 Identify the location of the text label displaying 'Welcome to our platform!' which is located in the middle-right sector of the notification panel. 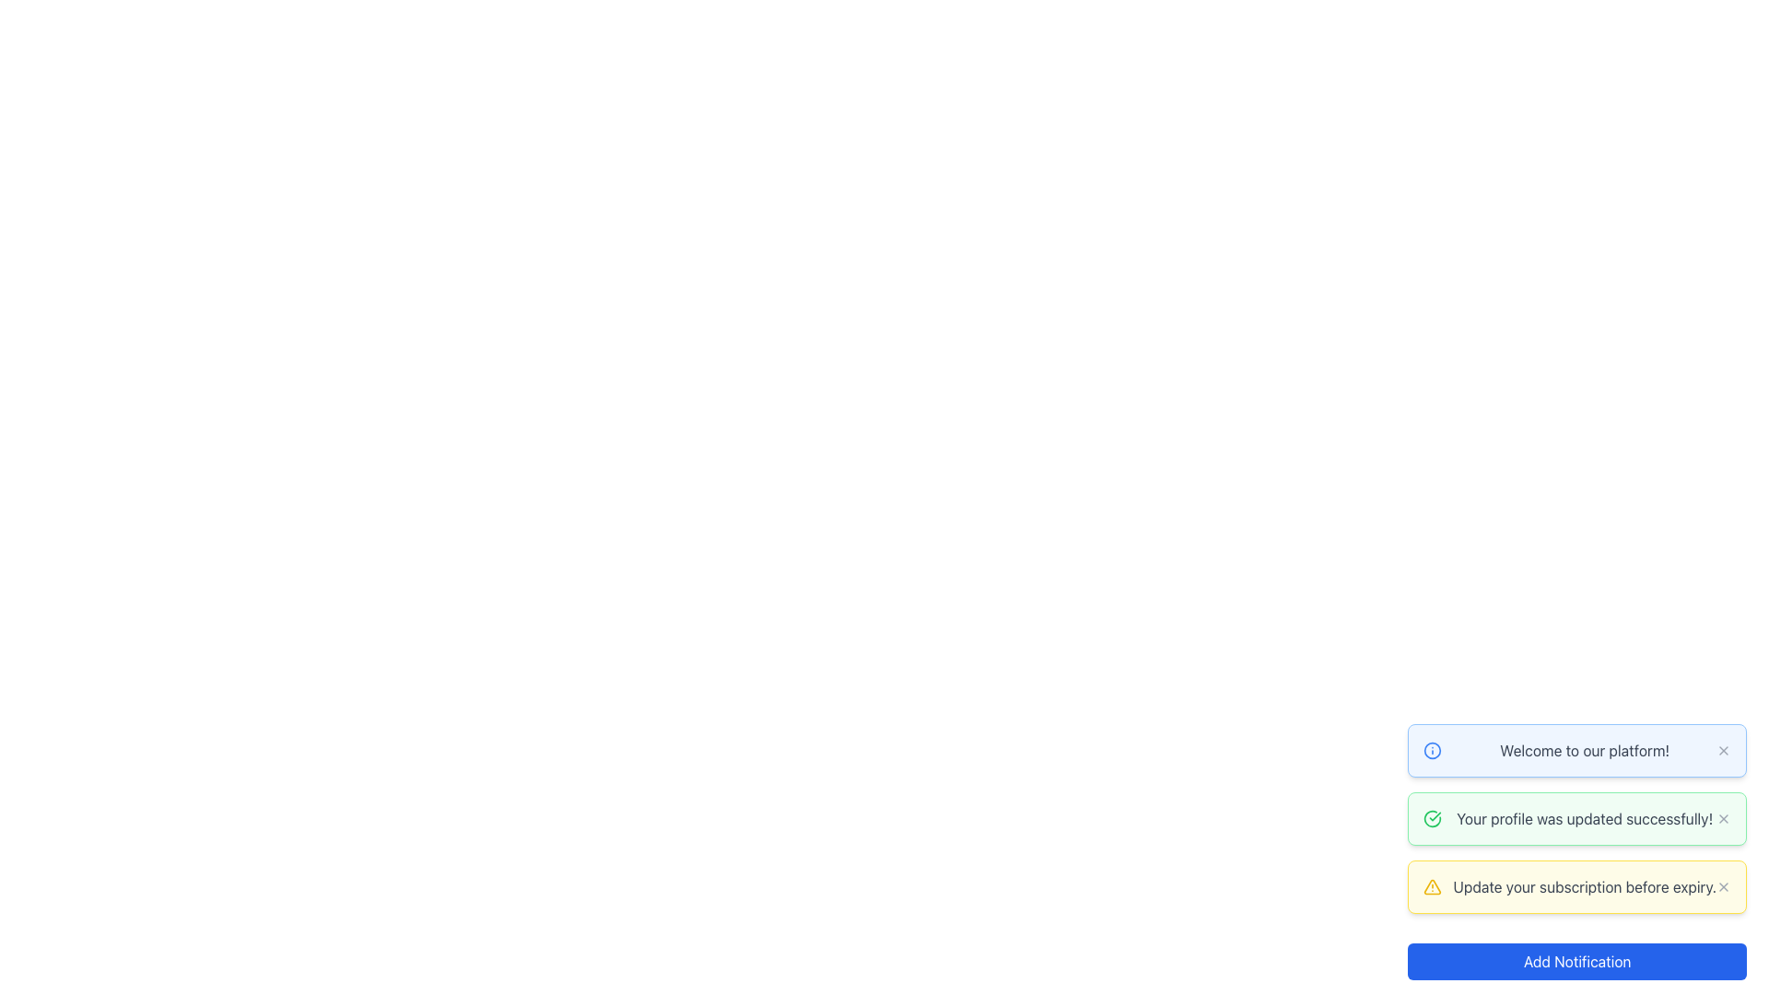
(1584, 750).